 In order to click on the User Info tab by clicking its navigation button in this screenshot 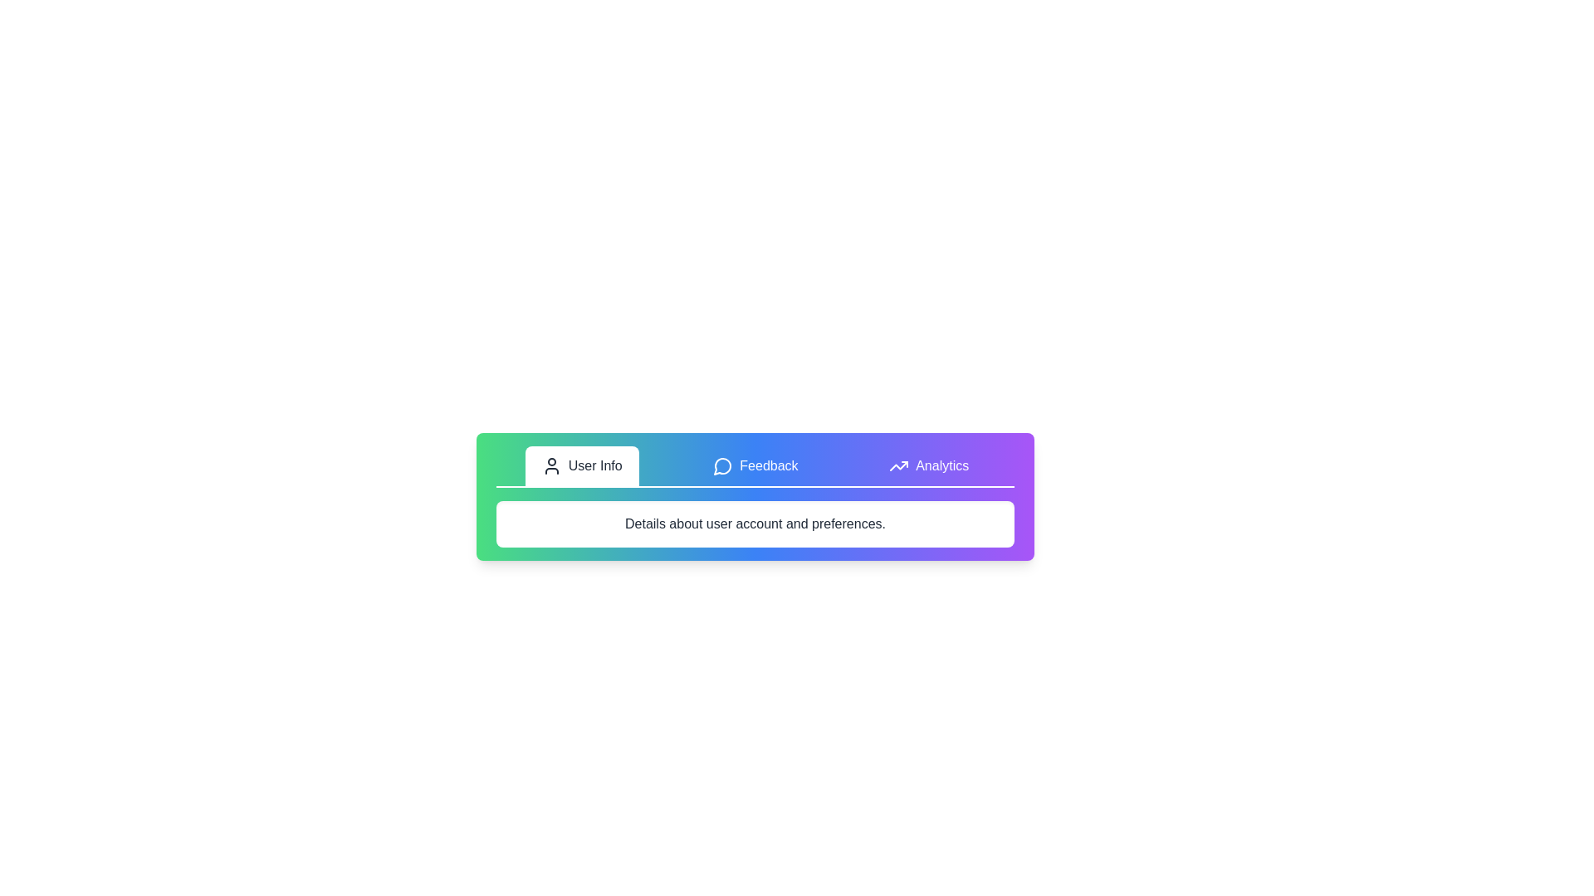, I will do `click(581, 466)`.